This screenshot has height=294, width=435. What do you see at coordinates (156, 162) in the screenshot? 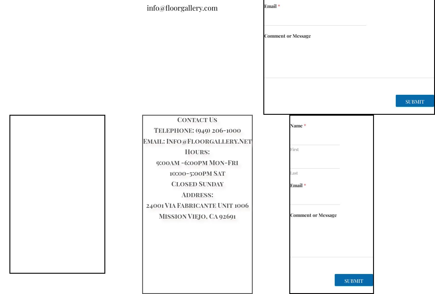
I see `'9:00am -6:00pm Mon-Fri'` at bounding box center [156, 162].